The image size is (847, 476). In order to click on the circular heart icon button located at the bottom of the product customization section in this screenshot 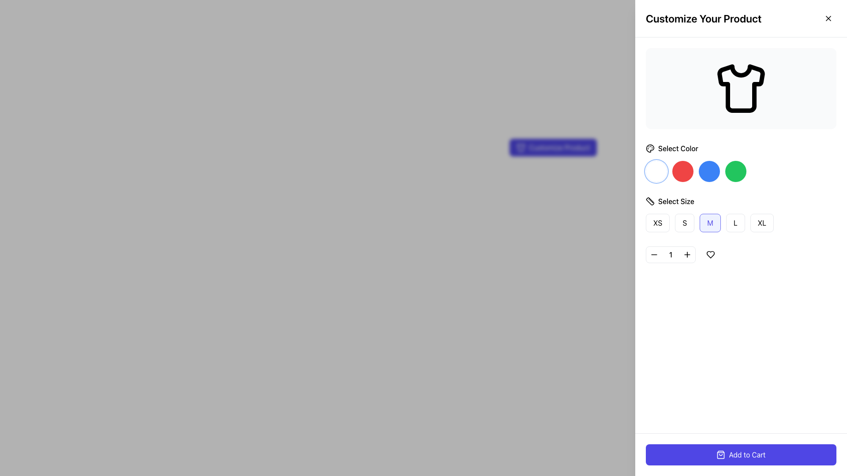, I will do `click(711, 255)`.